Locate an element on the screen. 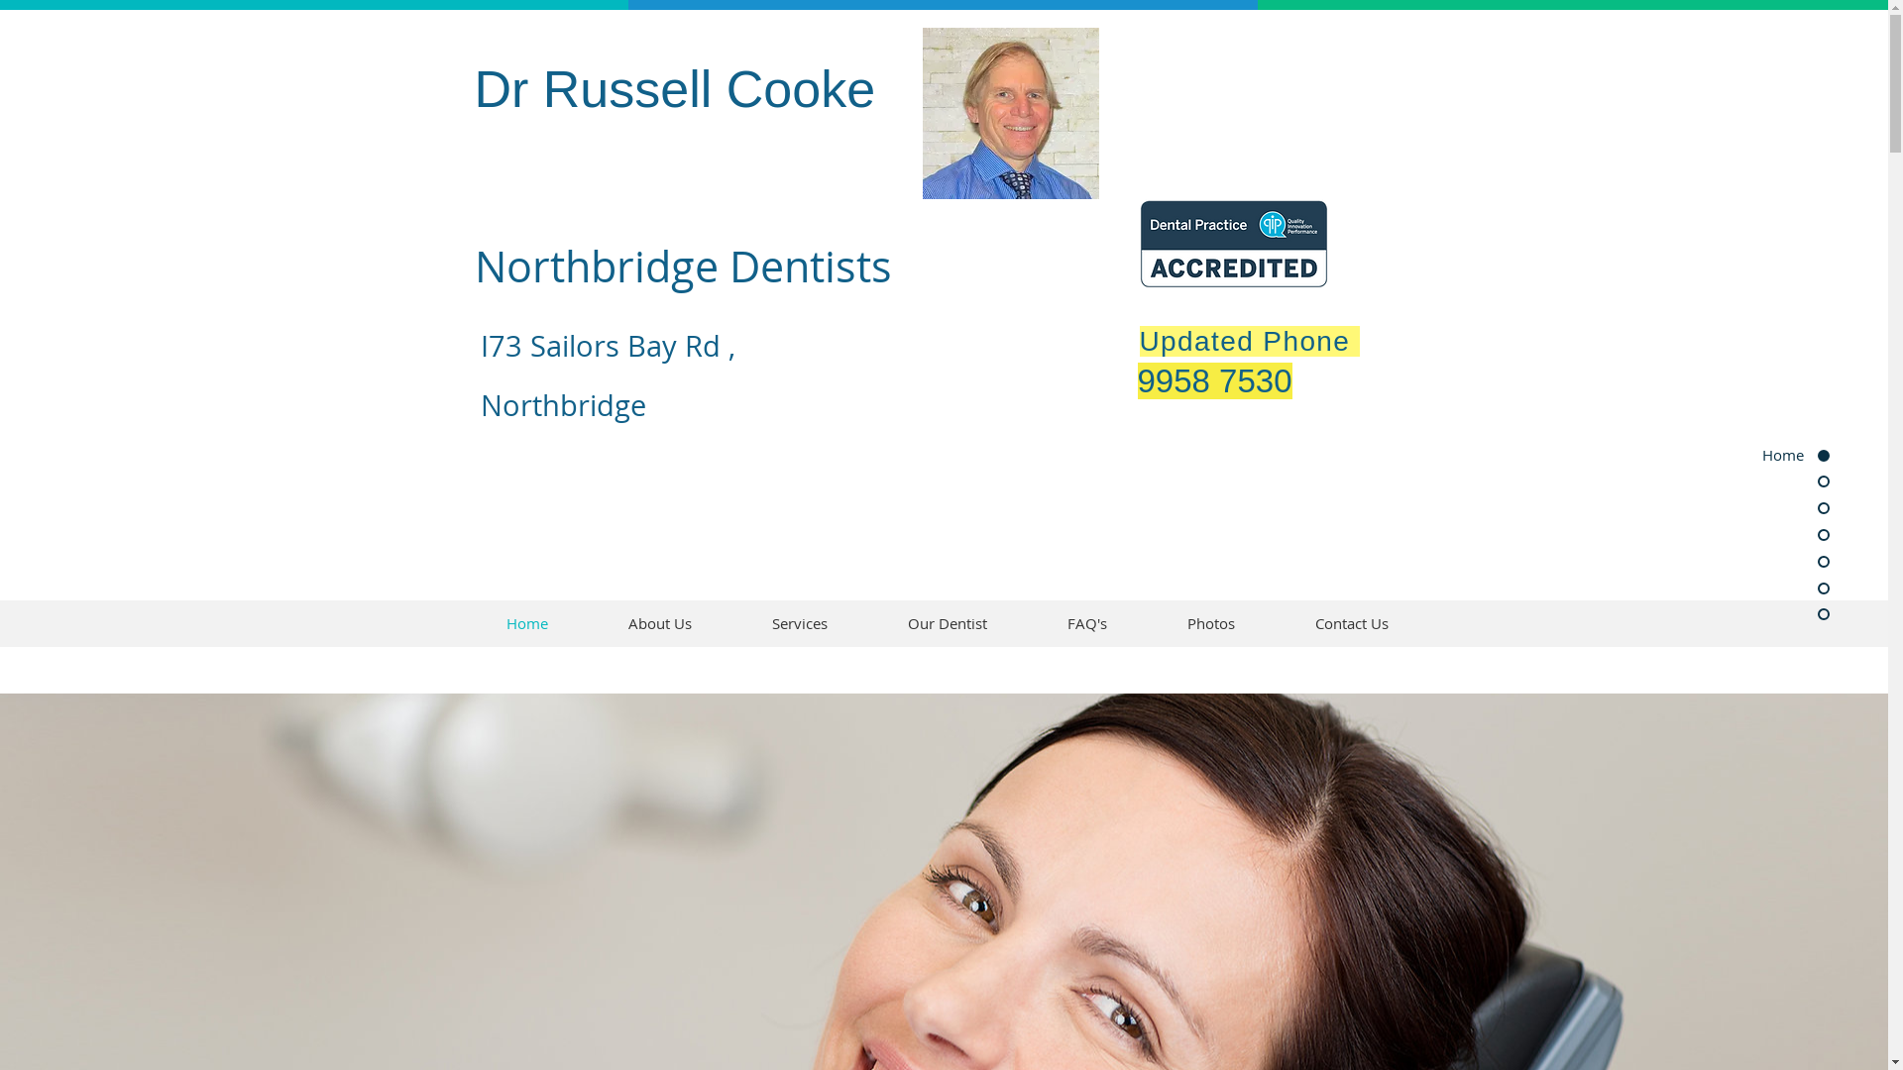  'Home' is located at coordinates (526, 622).